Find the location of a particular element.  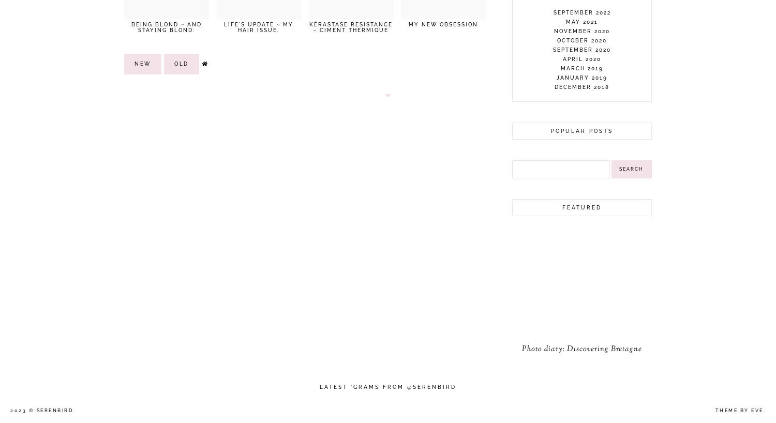

'December 2016' is located at coordinates (582, 273).